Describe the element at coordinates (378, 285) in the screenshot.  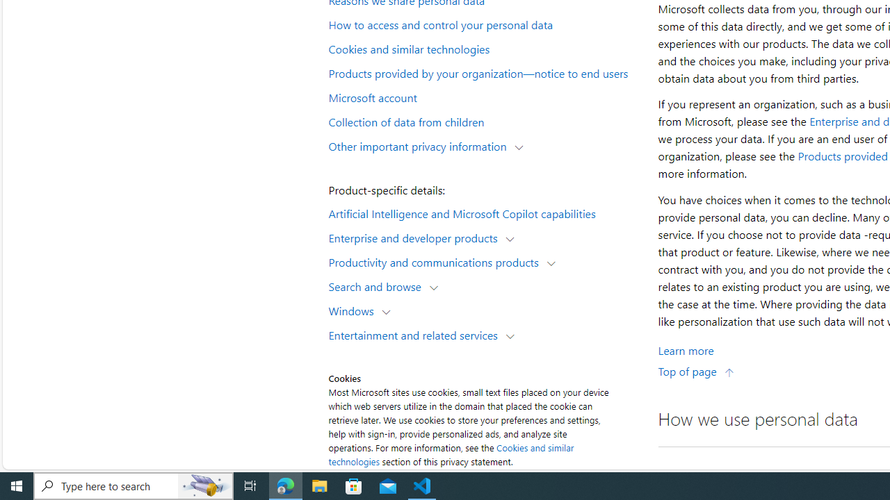
I see `'Search and browse'` at that location.